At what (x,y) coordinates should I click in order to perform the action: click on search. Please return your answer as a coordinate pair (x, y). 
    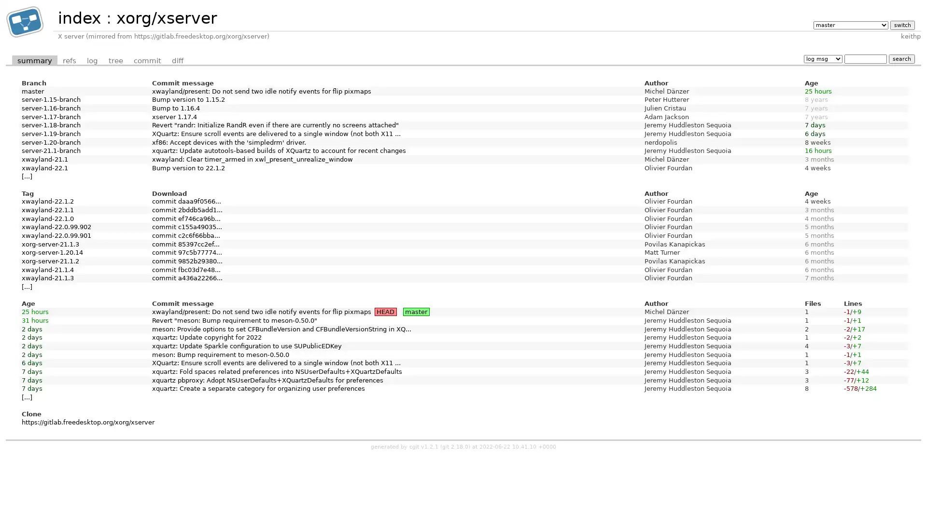
    Looking at the image, I should click on (901, 58).